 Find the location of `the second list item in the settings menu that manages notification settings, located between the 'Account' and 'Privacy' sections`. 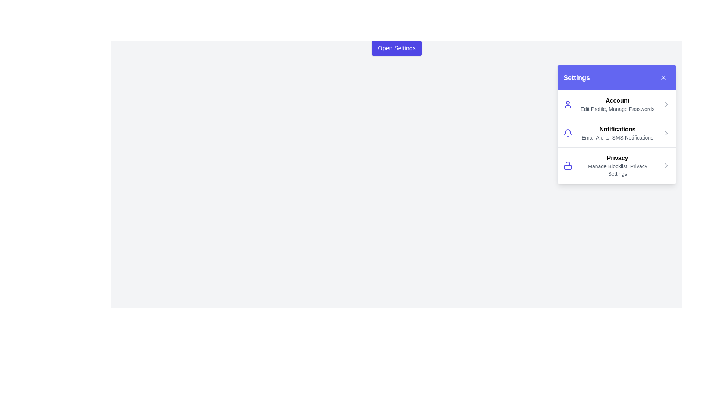

the second list item in the settings menu that manages notification settings, located between the 'Account' and 'Privacy' sections is located at coordinates (617, 133).